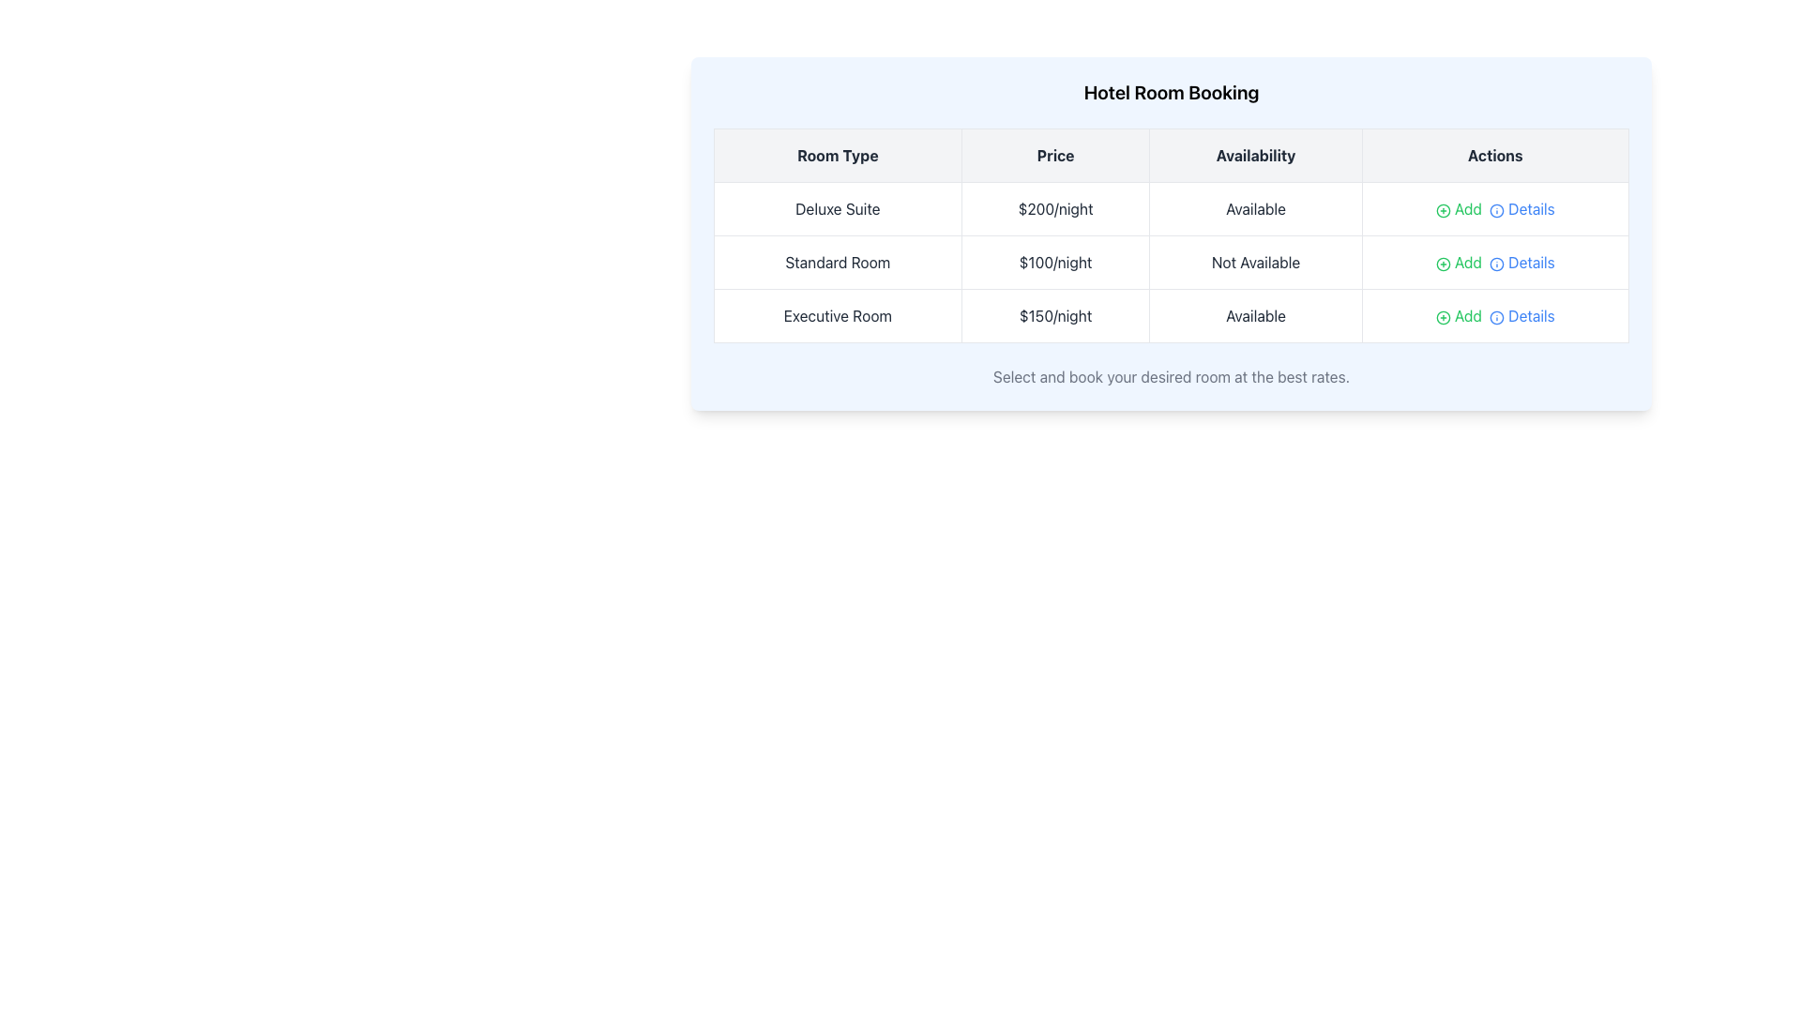  Describe the element at coordinates (1494, 314) in the screenshot. I see `the 'Add' button located in the 'Actions' column of the table for the 'Executive Room' row` at that location.